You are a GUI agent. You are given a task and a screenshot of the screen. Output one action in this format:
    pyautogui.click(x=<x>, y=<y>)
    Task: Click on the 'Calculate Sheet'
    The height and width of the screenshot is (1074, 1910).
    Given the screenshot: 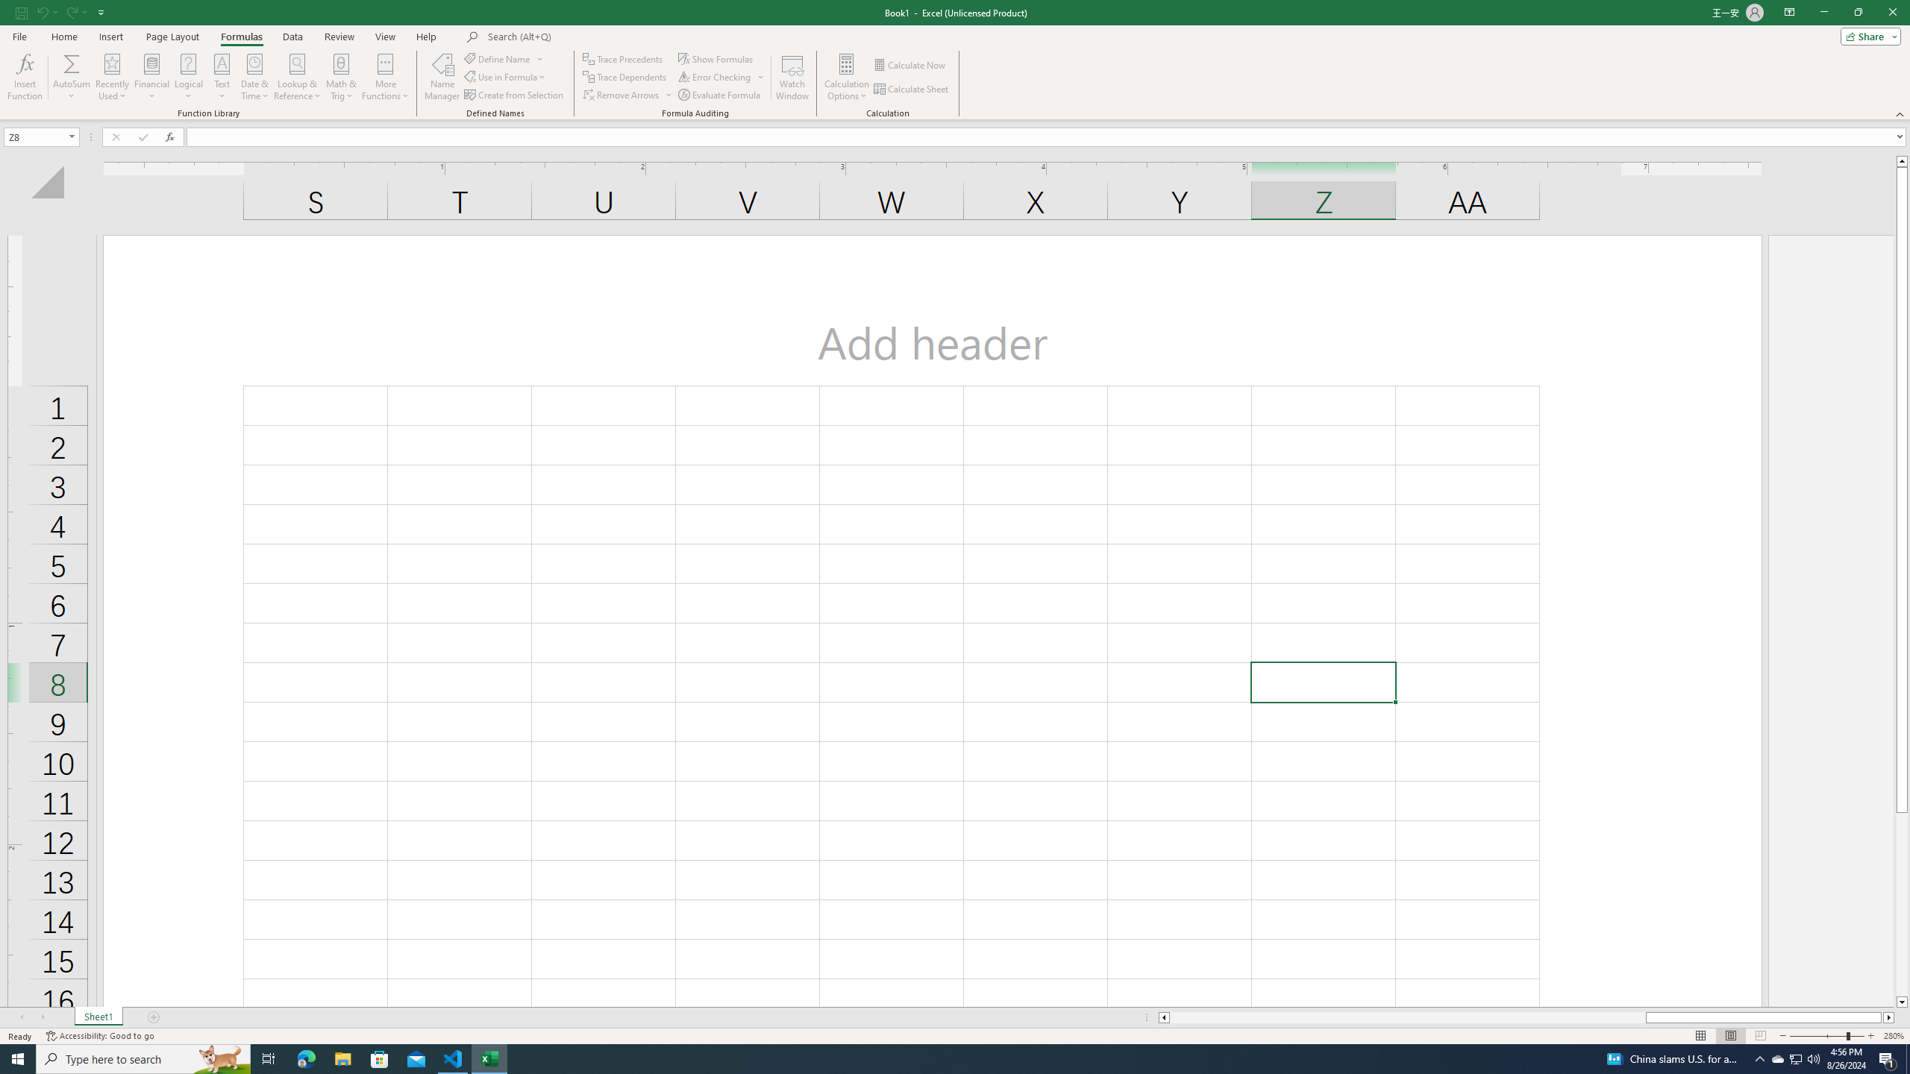 What is the action you would take?
    pyautogui.click(x=912, y=88)
    